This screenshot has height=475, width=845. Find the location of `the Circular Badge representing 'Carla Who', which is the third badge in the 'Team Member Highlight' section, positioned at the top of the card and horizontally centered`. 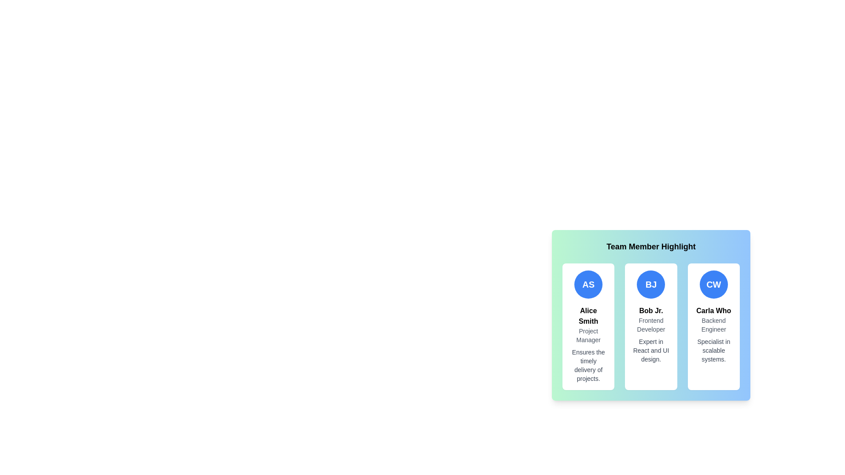

the Circular Badge representing 'Carla Who', which is the third badge in the 'Team Member Highlight' section, positioned at the top of the card and horizontally centered is located at coordinates (713, 285).